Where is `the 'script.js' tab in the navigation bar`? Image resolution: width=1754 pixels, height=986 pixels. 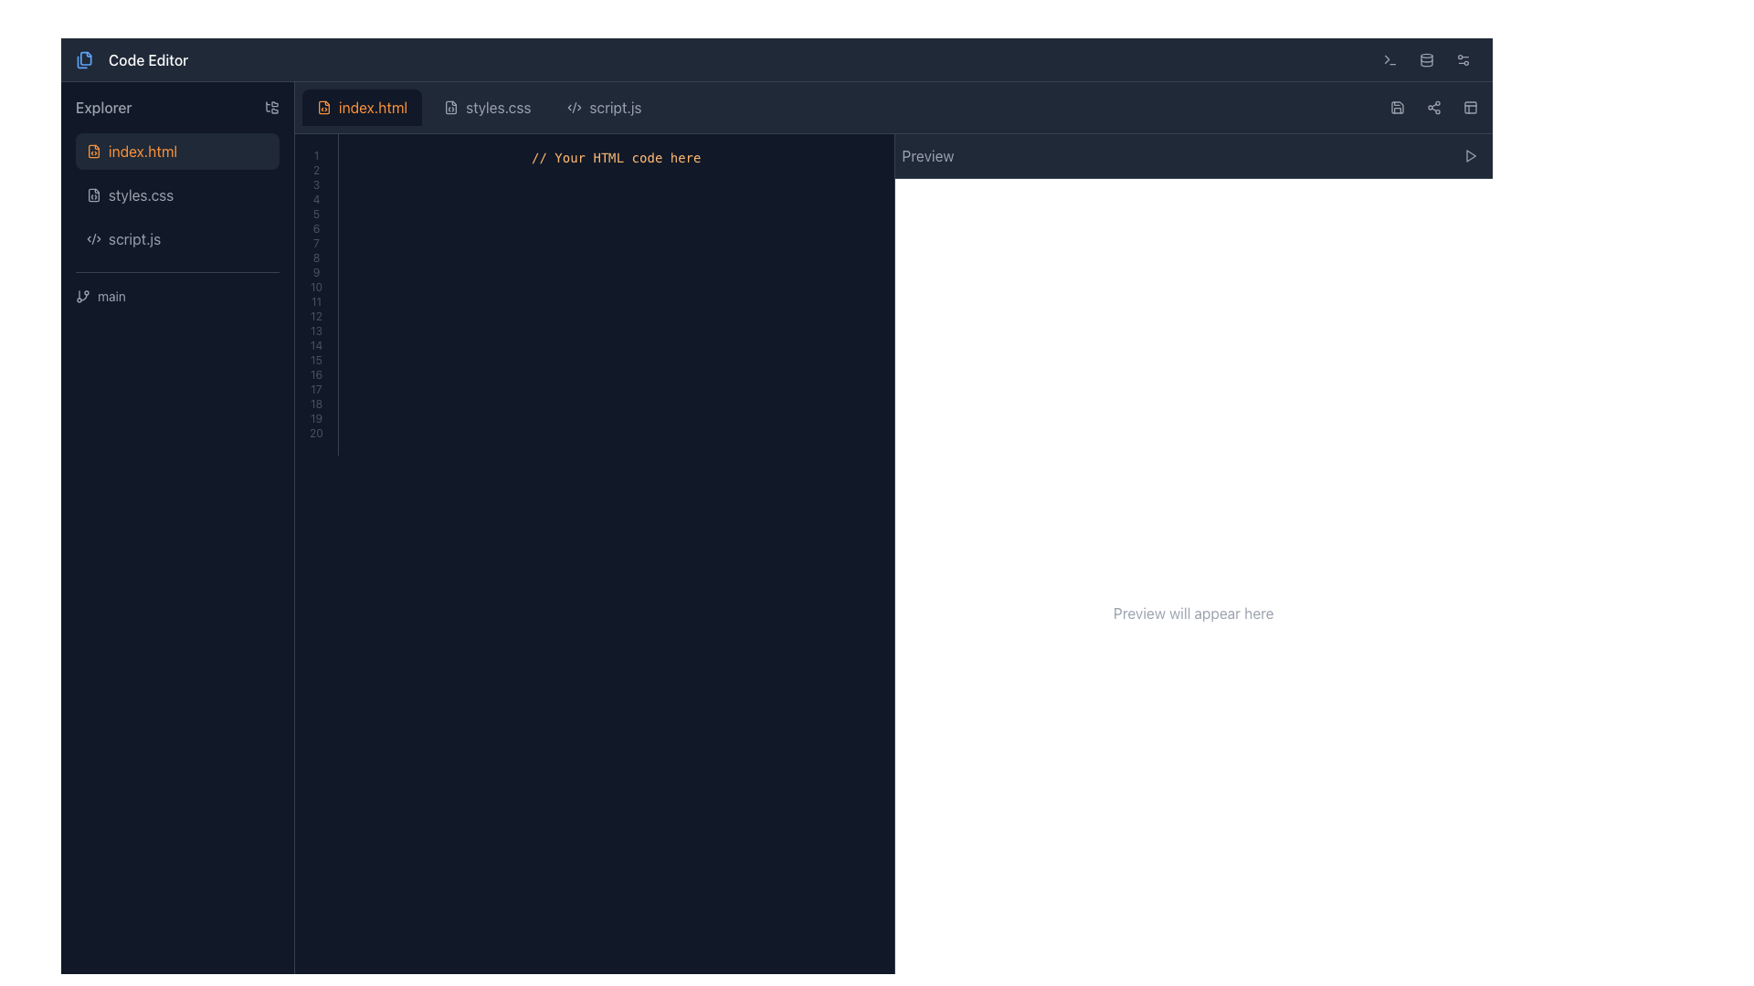
the 'script.js' tab in the navigation bar is located at coordinates (605, 108).